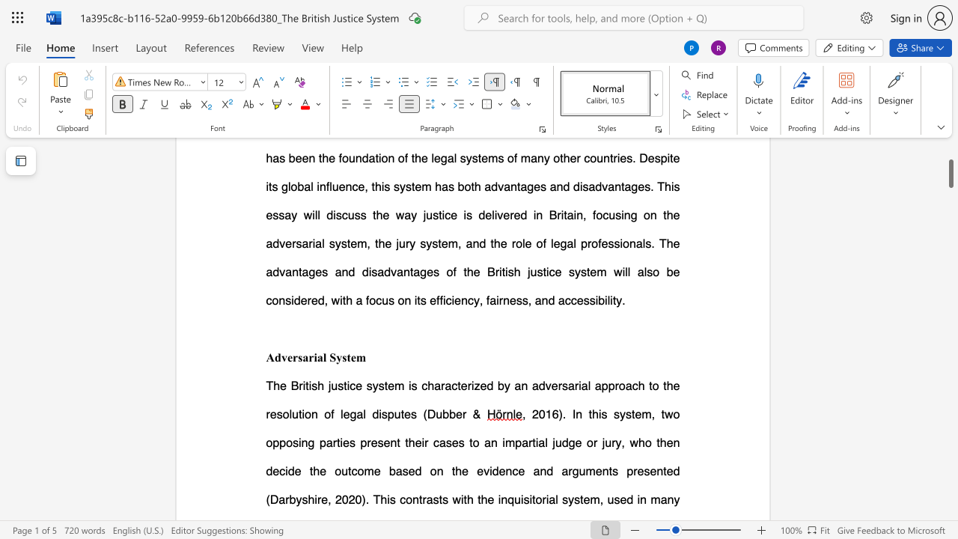  What do you see at coordinates (322, 357) in the screenshot?
I see `the space between the continuous character "a" and "l" in the text` at bounding box center [322, 357].